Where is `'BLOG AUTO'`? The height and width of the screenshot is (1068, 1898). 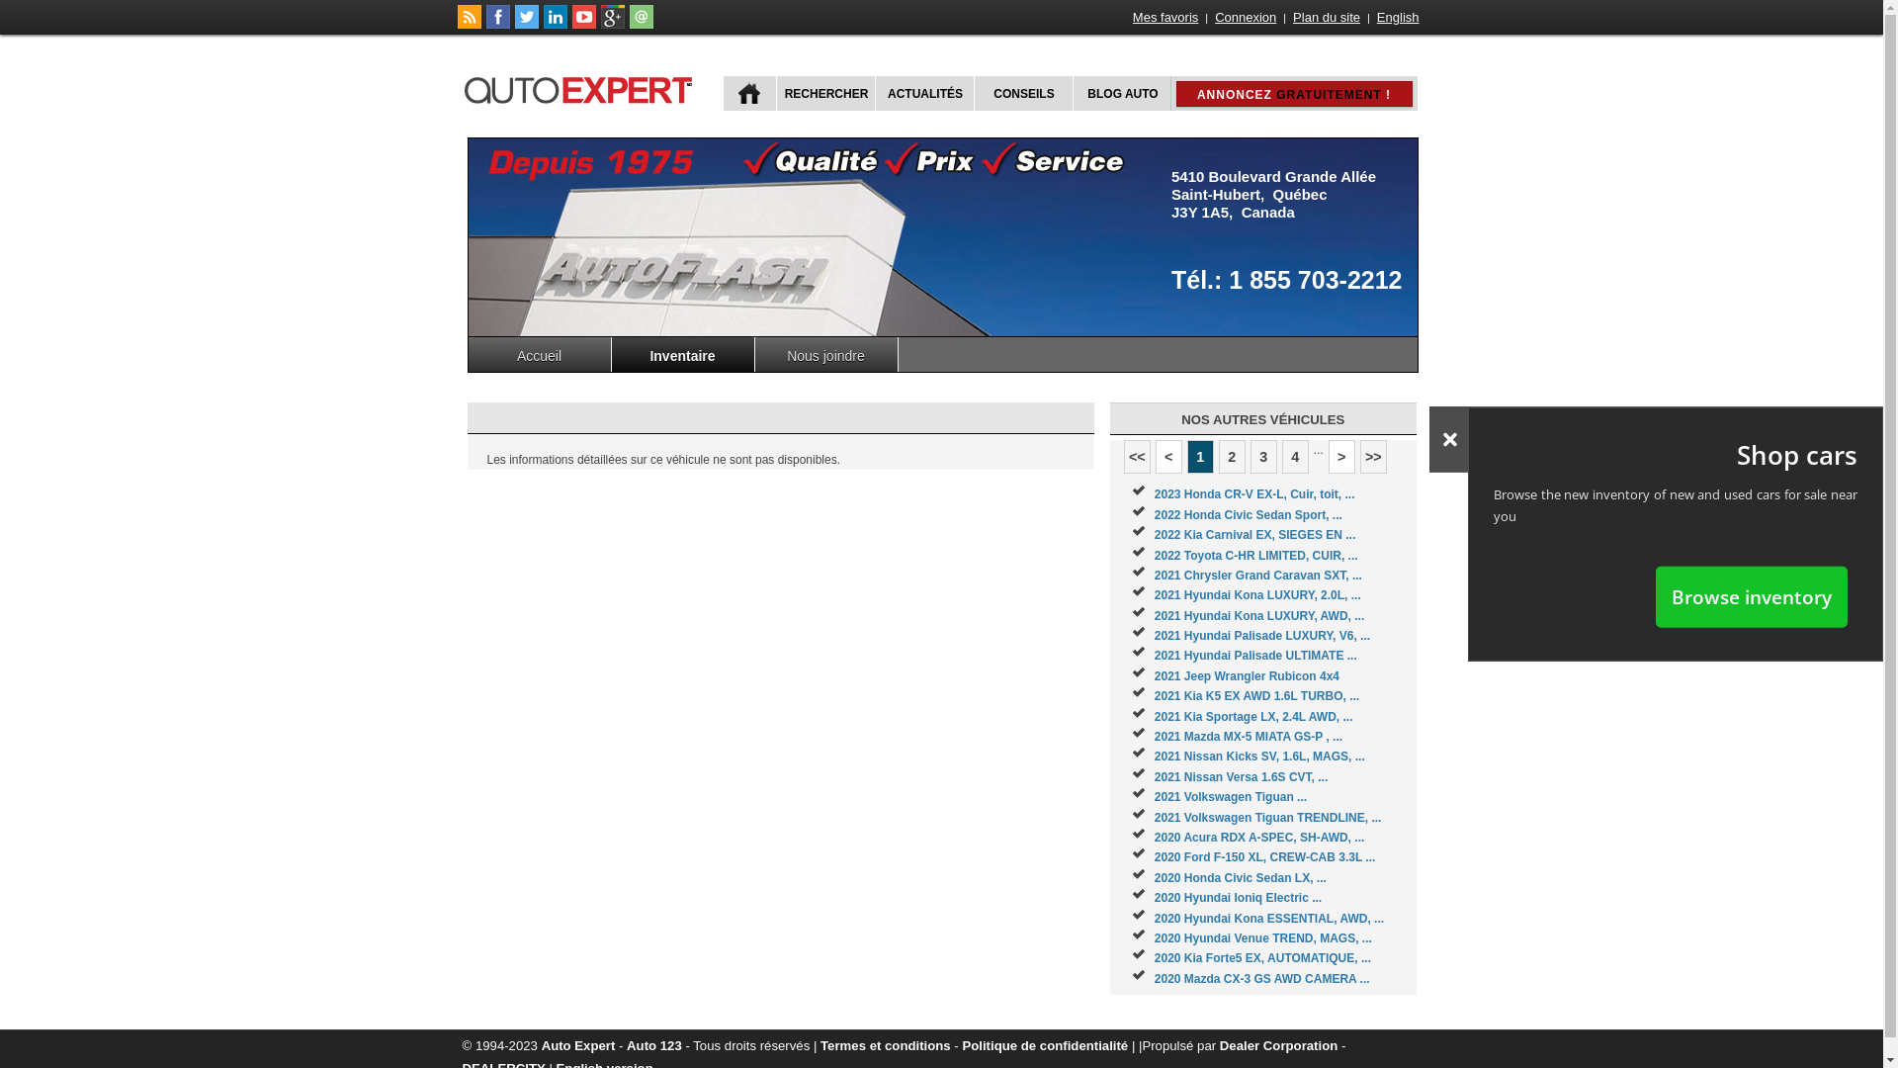
'BLOG AUTO' is located at coordinates (1120, 93).